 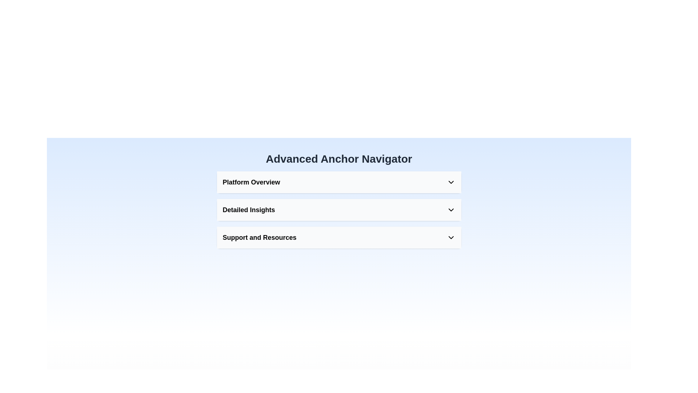 I want to click on the downward-pointing arrow icon located to the right of the 'Platform Overview' text, so click(x=450, y=182).